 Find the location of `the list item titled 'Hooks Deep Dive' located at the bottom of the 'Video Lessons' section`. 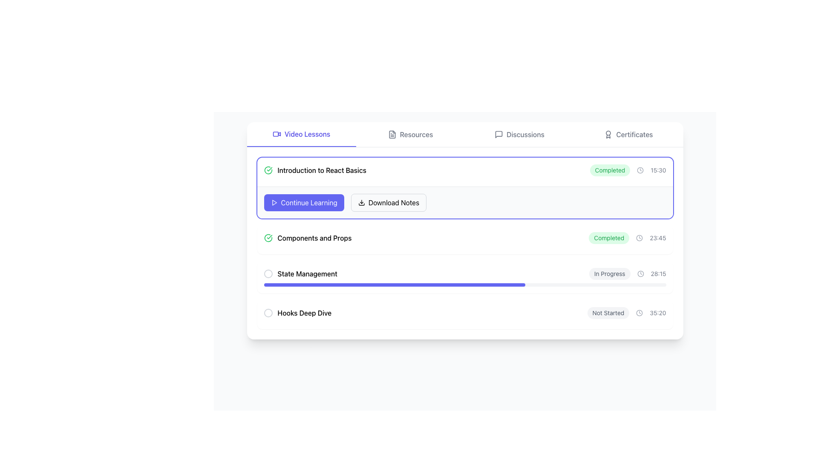

the list item titled 'Hooks Deep Dive' located at the bottom of the 'Video Lessons' section is located at coordinates (464, 313).